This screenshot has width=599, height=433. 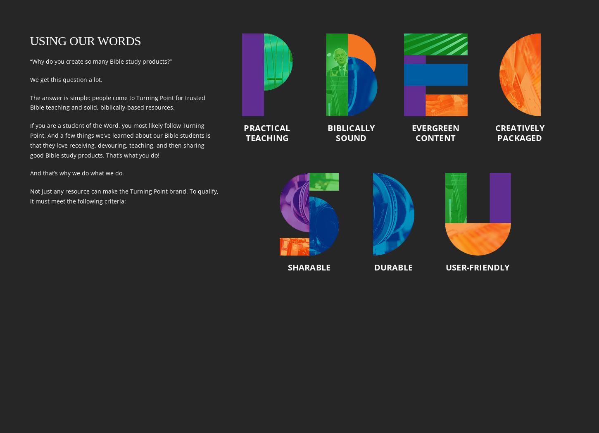 I want to click on 'And that’s why we do what we do.', so click(x=76, y=172).